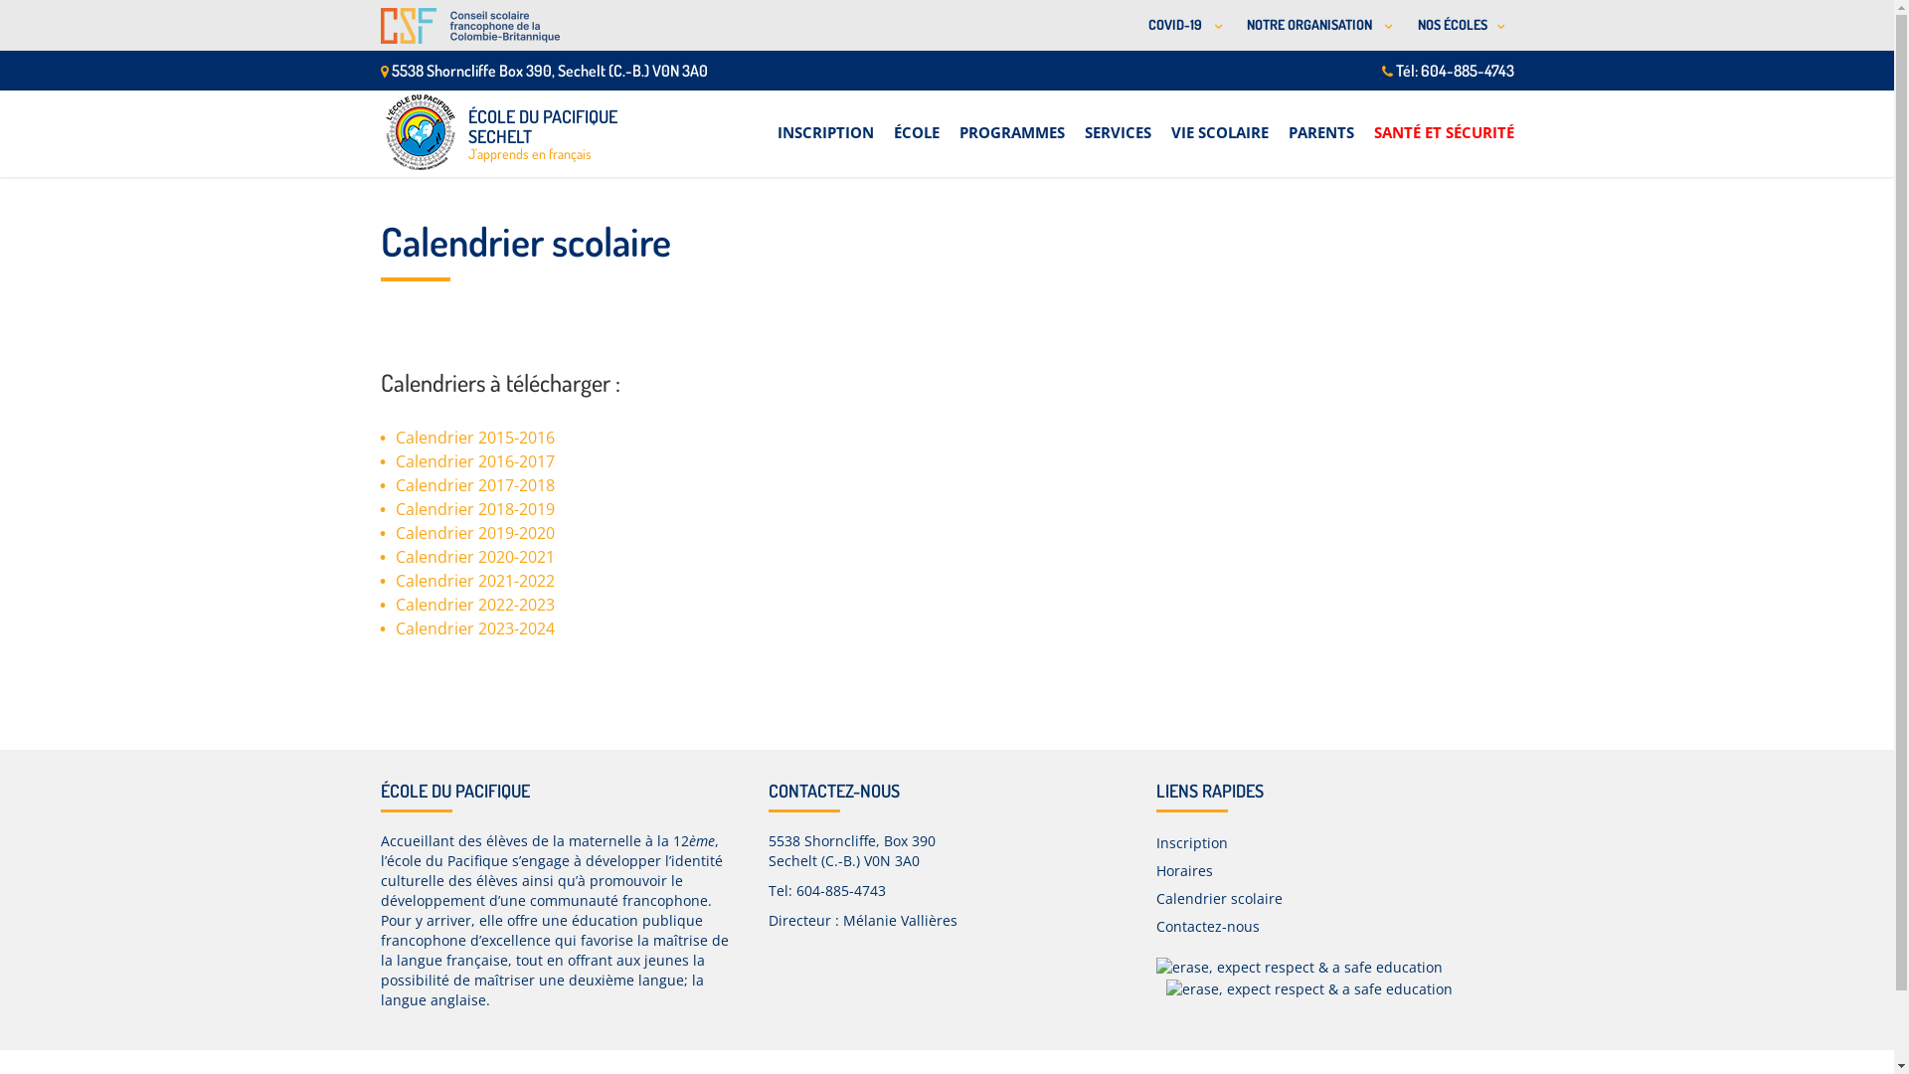  I want to click on 'Calendrier 2017-2018', so click(474, 485).